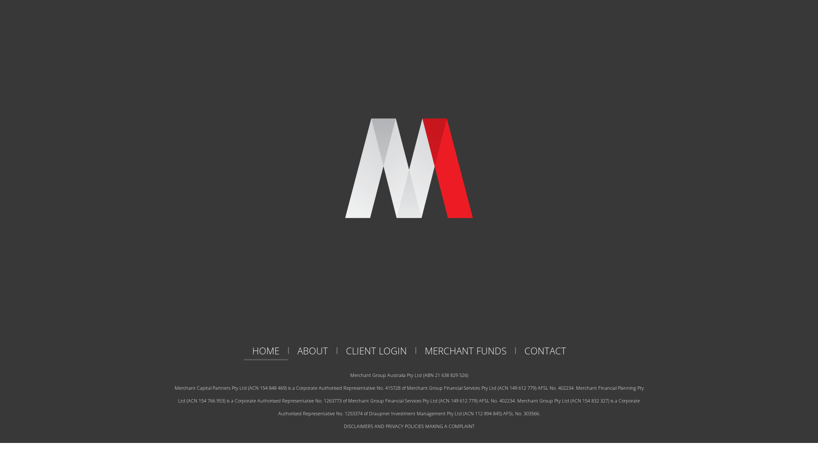 This screenshot has width=818, height=460. What do you see at coordinates (464, 350) in the screenshot?
I see `'MERCHANT FUNDS'` at bounding box center [464, 350].